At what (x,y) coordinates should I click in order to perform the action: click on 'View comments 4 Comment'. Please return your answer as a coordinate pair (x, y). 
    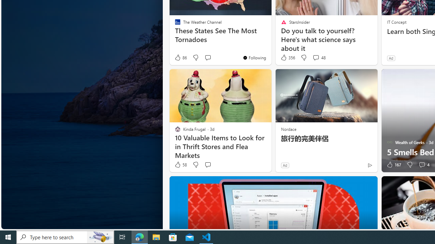
    Looking at the image, I should click on (421, 165).